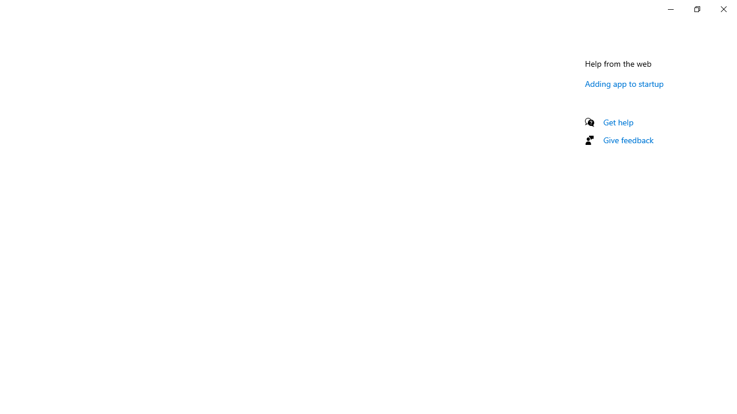  Describe the element at coordinates (628, 139) in the screenshot. I see `'Give feedback'` at that location.